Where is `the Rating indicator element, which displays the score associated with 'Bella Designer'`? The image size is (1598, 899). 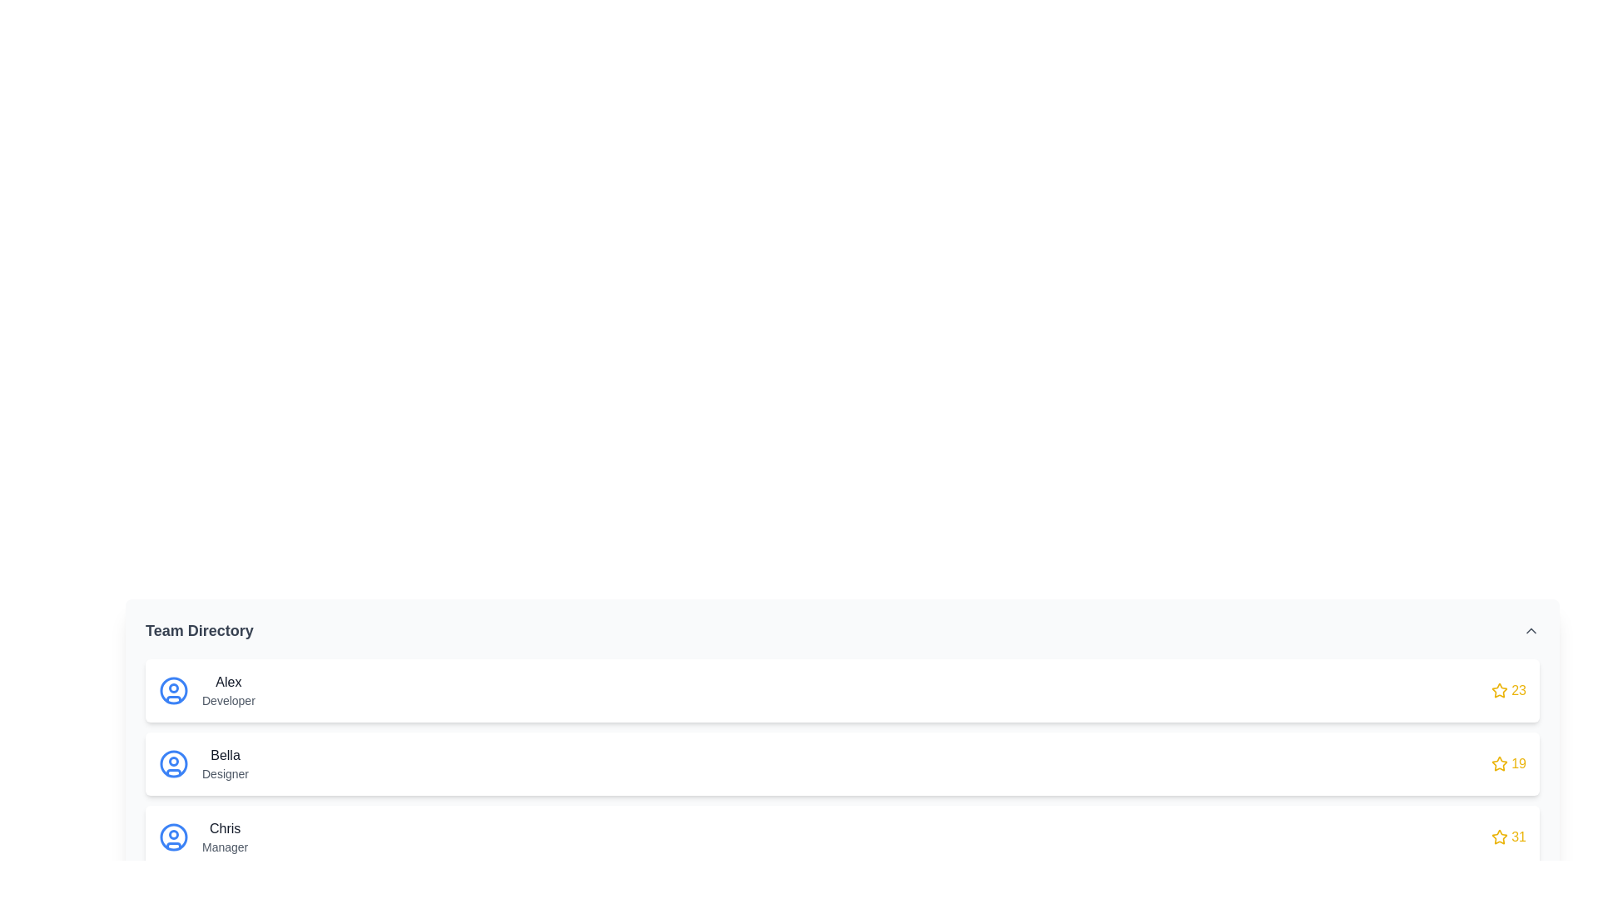 the Rating indicator element, which displays the score associated with 'Bella Designer' is located at coordinates (1509, 764).